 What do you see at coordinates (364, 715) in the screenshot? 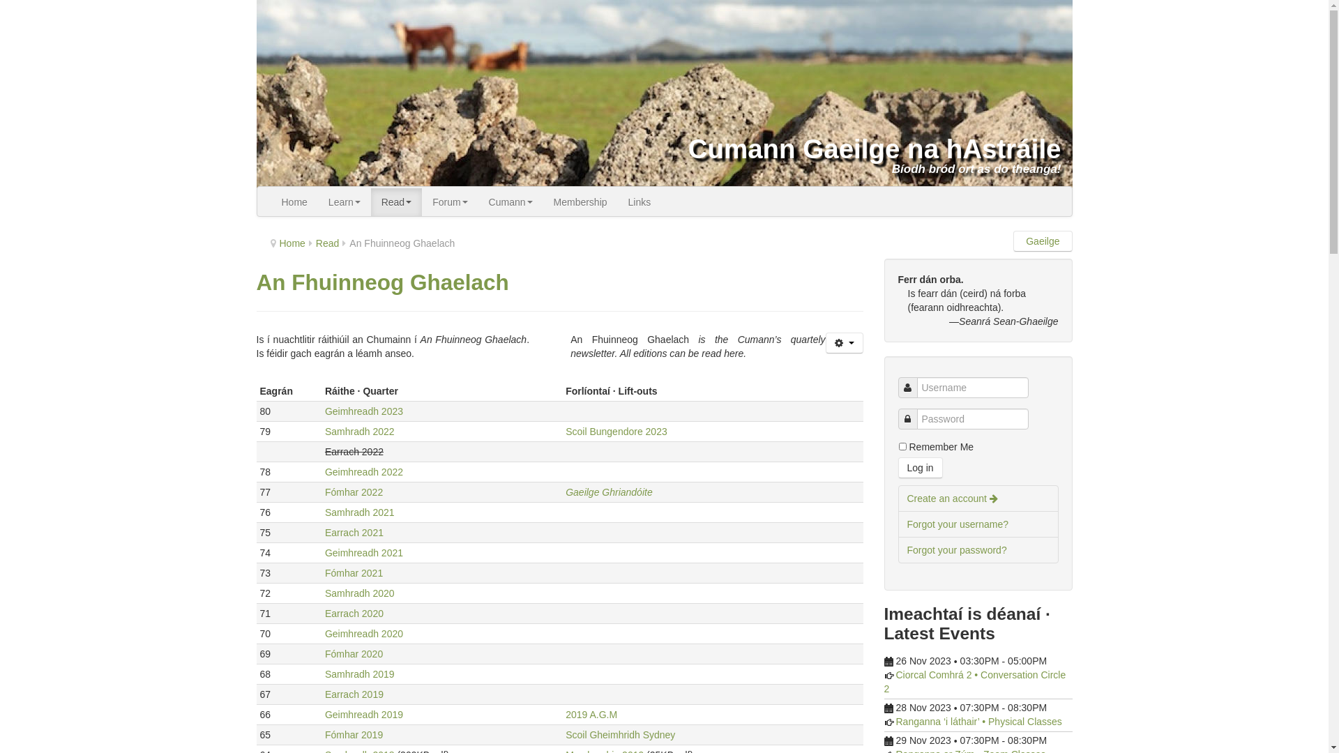
I see `'Geimhreadh 2019'` at bounding box center [364, 715].